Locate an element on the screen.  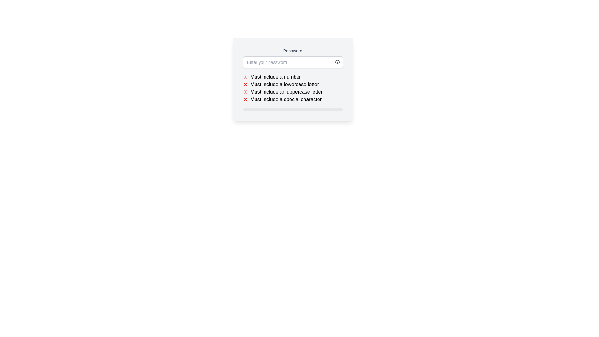
the eye icon button located at the top-right corner of the password input field is located at coordinates (337, 61).